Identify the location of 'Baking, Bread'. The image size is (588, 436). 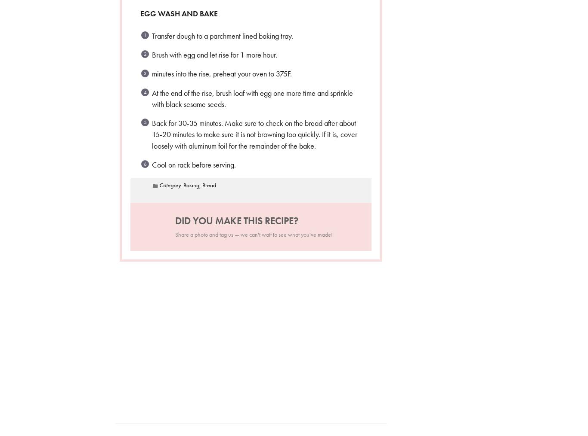
(199, 185).